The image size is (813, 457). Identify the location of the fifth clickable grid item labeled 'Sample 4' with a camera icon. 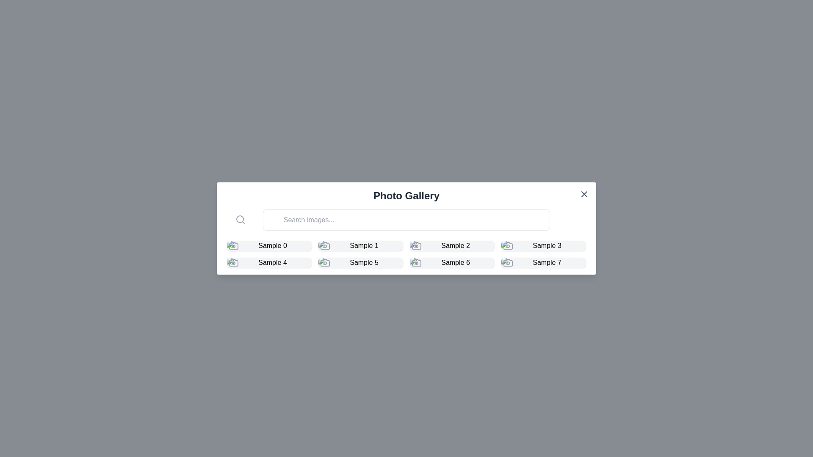
(268, 262).